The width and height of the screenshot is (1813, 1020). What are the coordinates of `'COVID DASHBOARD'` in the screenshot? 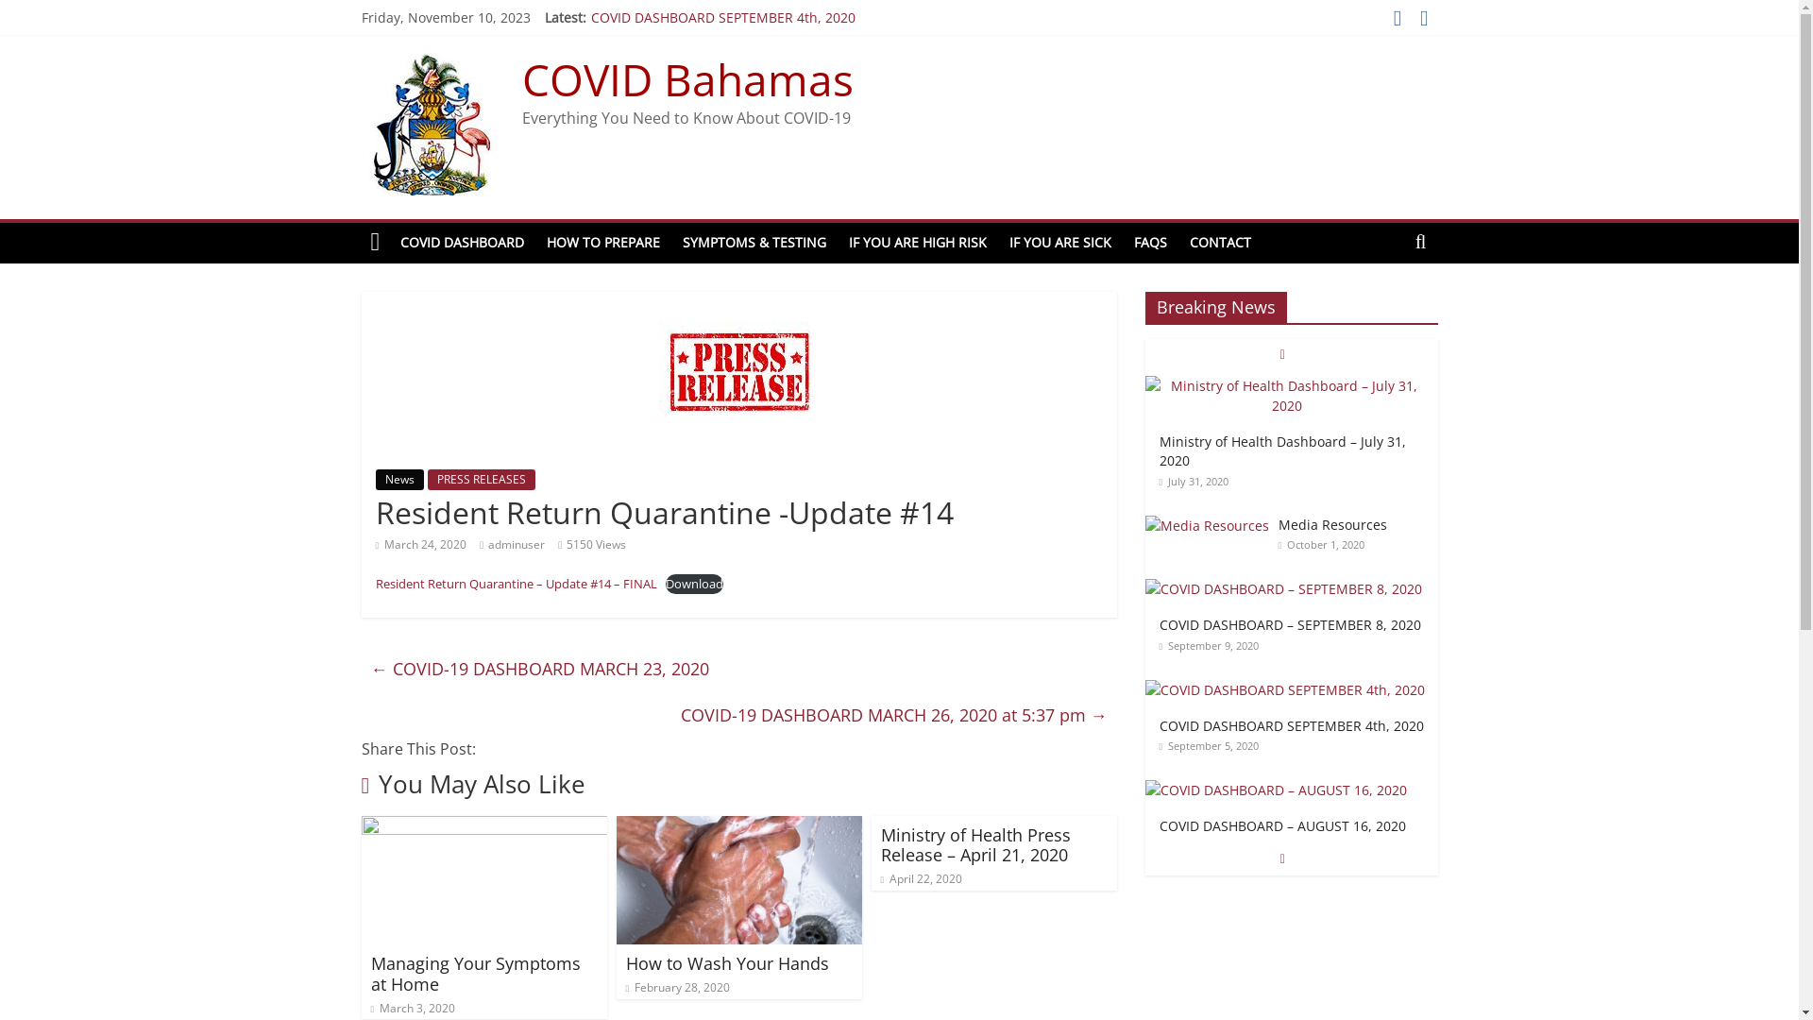 It's located at (462, 242).